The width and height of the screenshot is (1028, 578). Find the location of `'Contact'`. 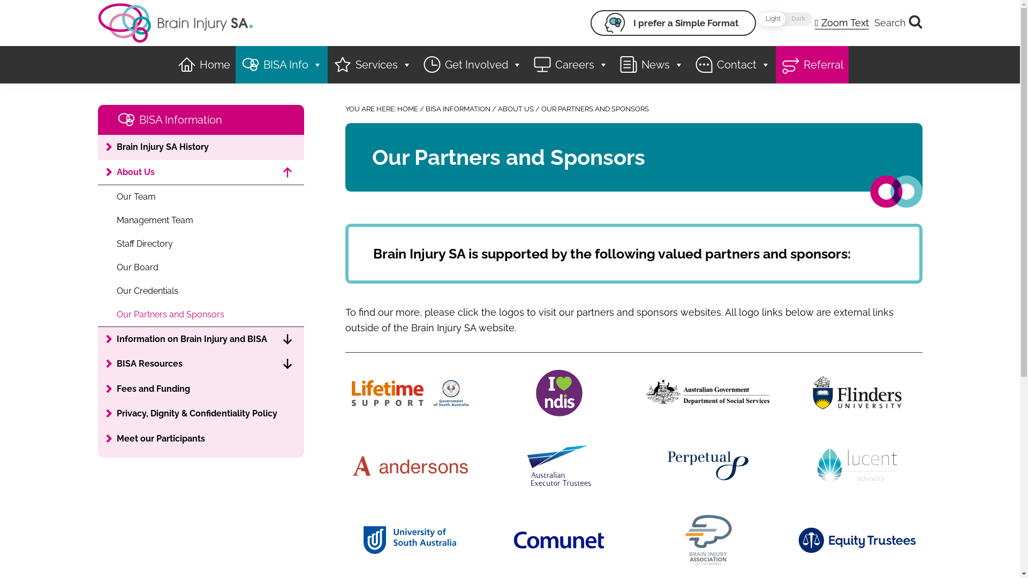

'Contact' is located at coordinates (731, 64).